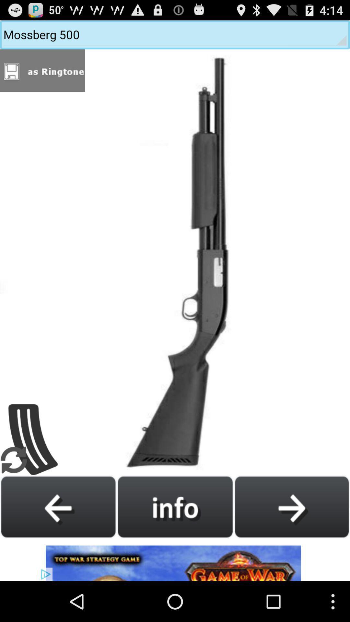 The image size is (350, 622). I want to click on information, so click(175, 506).